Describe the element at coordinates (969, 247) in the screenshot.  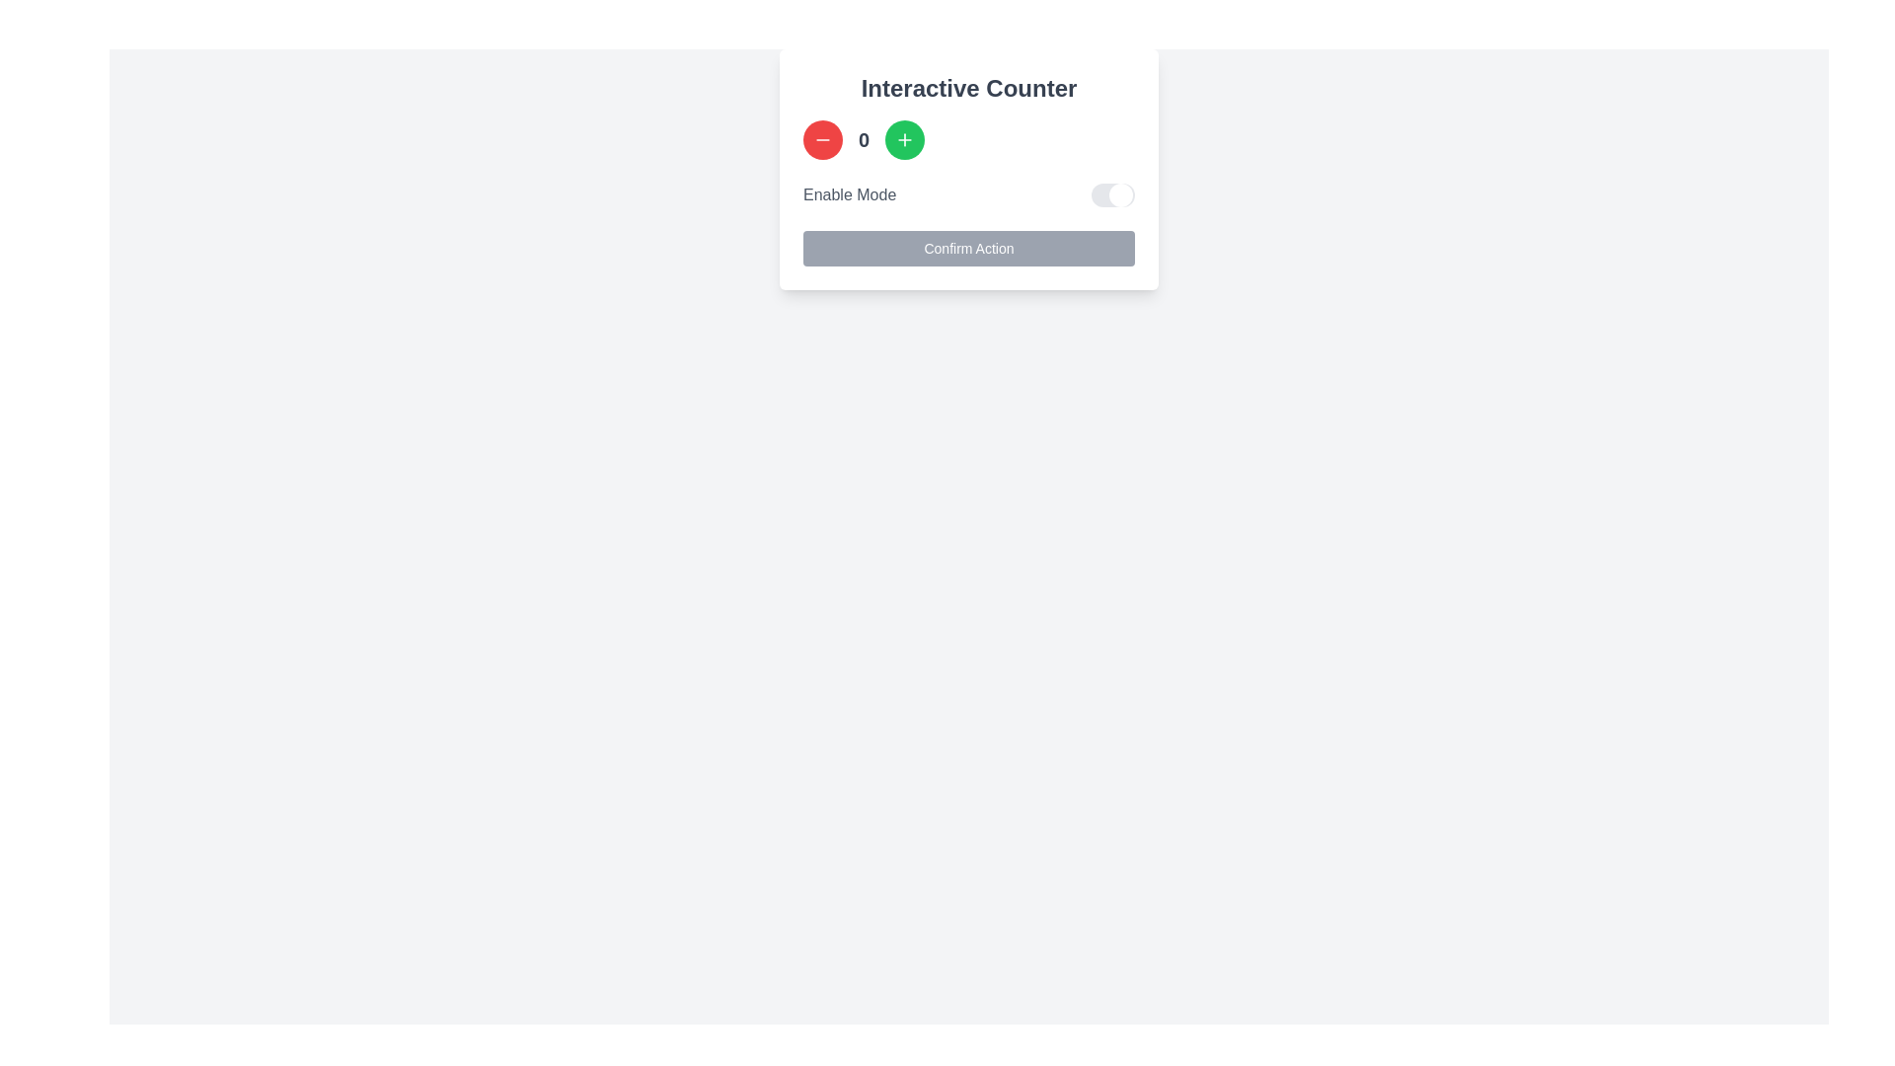
I see `the 'Confirm Action' button, which is a gray button with rounded corners and white text` at that location.